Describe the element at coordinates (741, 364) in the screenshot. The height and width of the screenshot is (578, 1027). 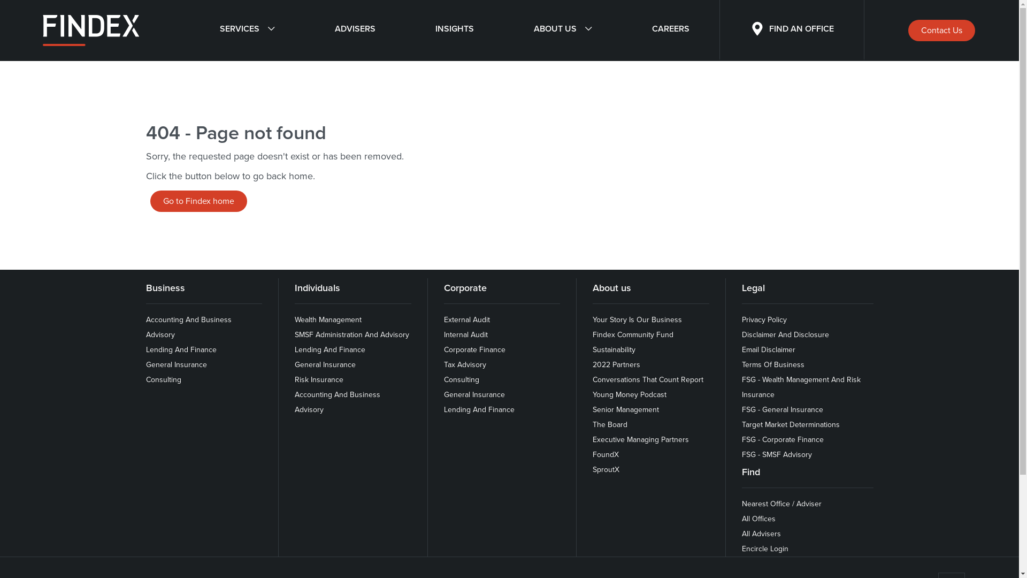
I see `'Terms Of Business'` at that location.